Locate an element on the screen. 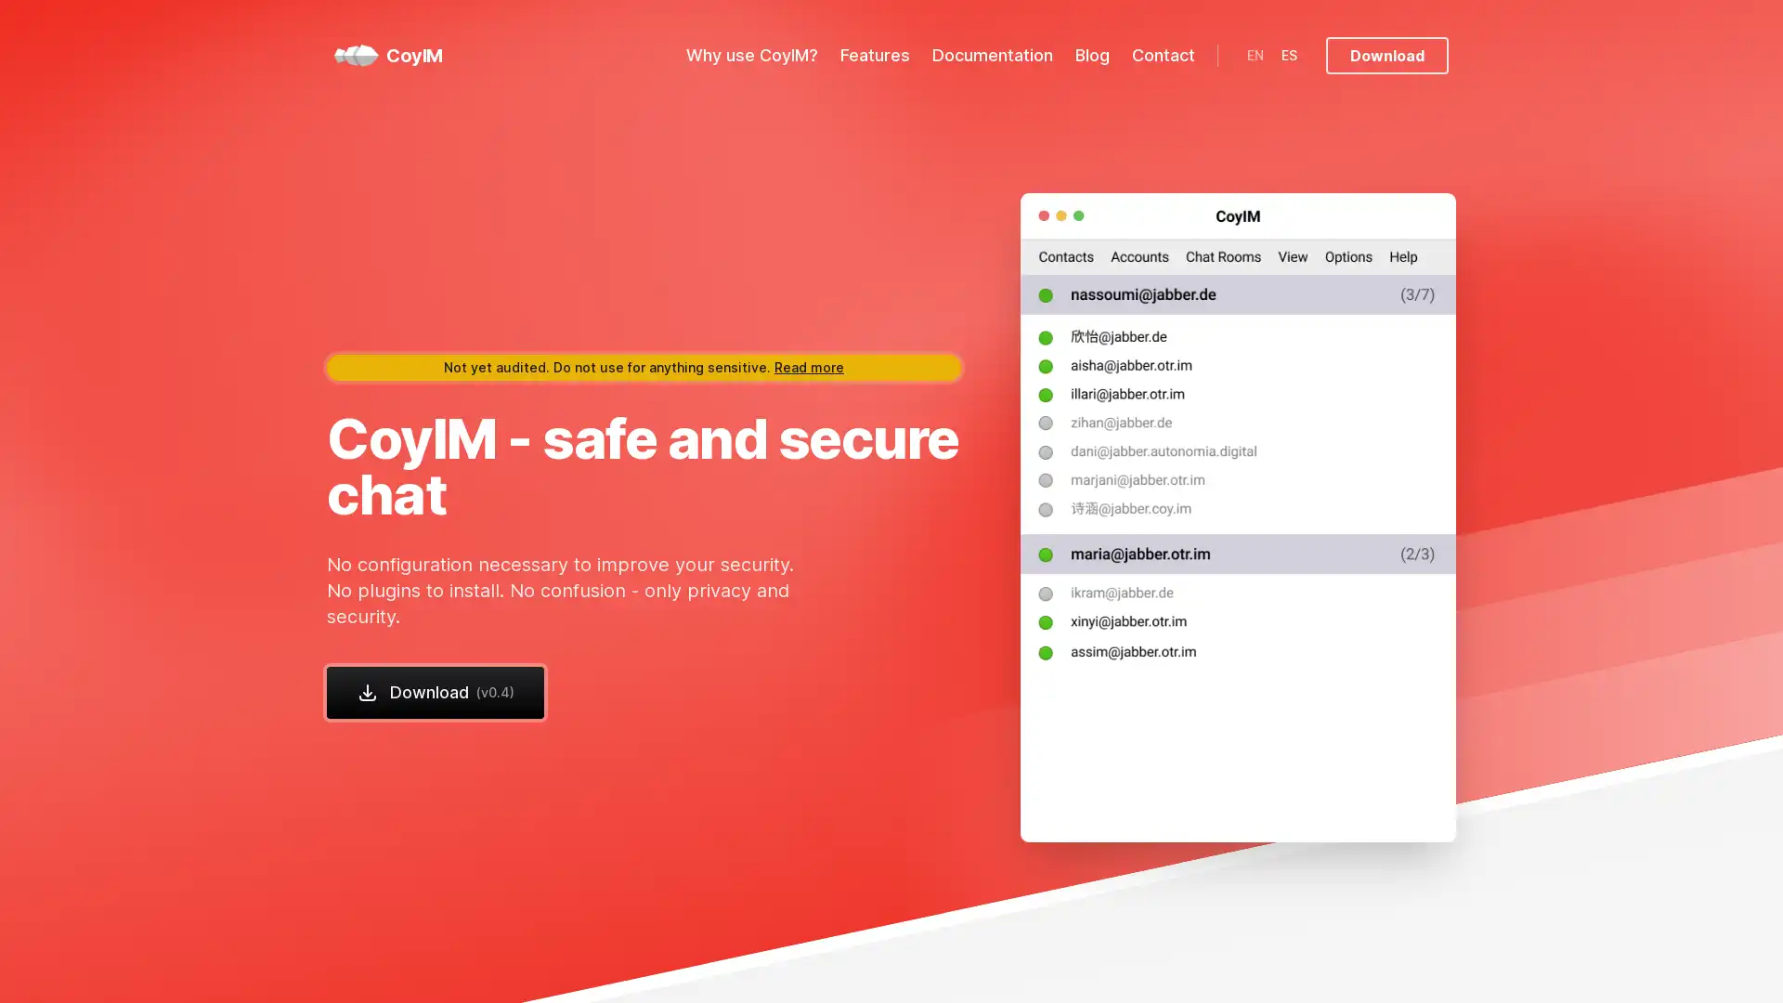  Download (v0.4) is located at coordinates (435, 691).